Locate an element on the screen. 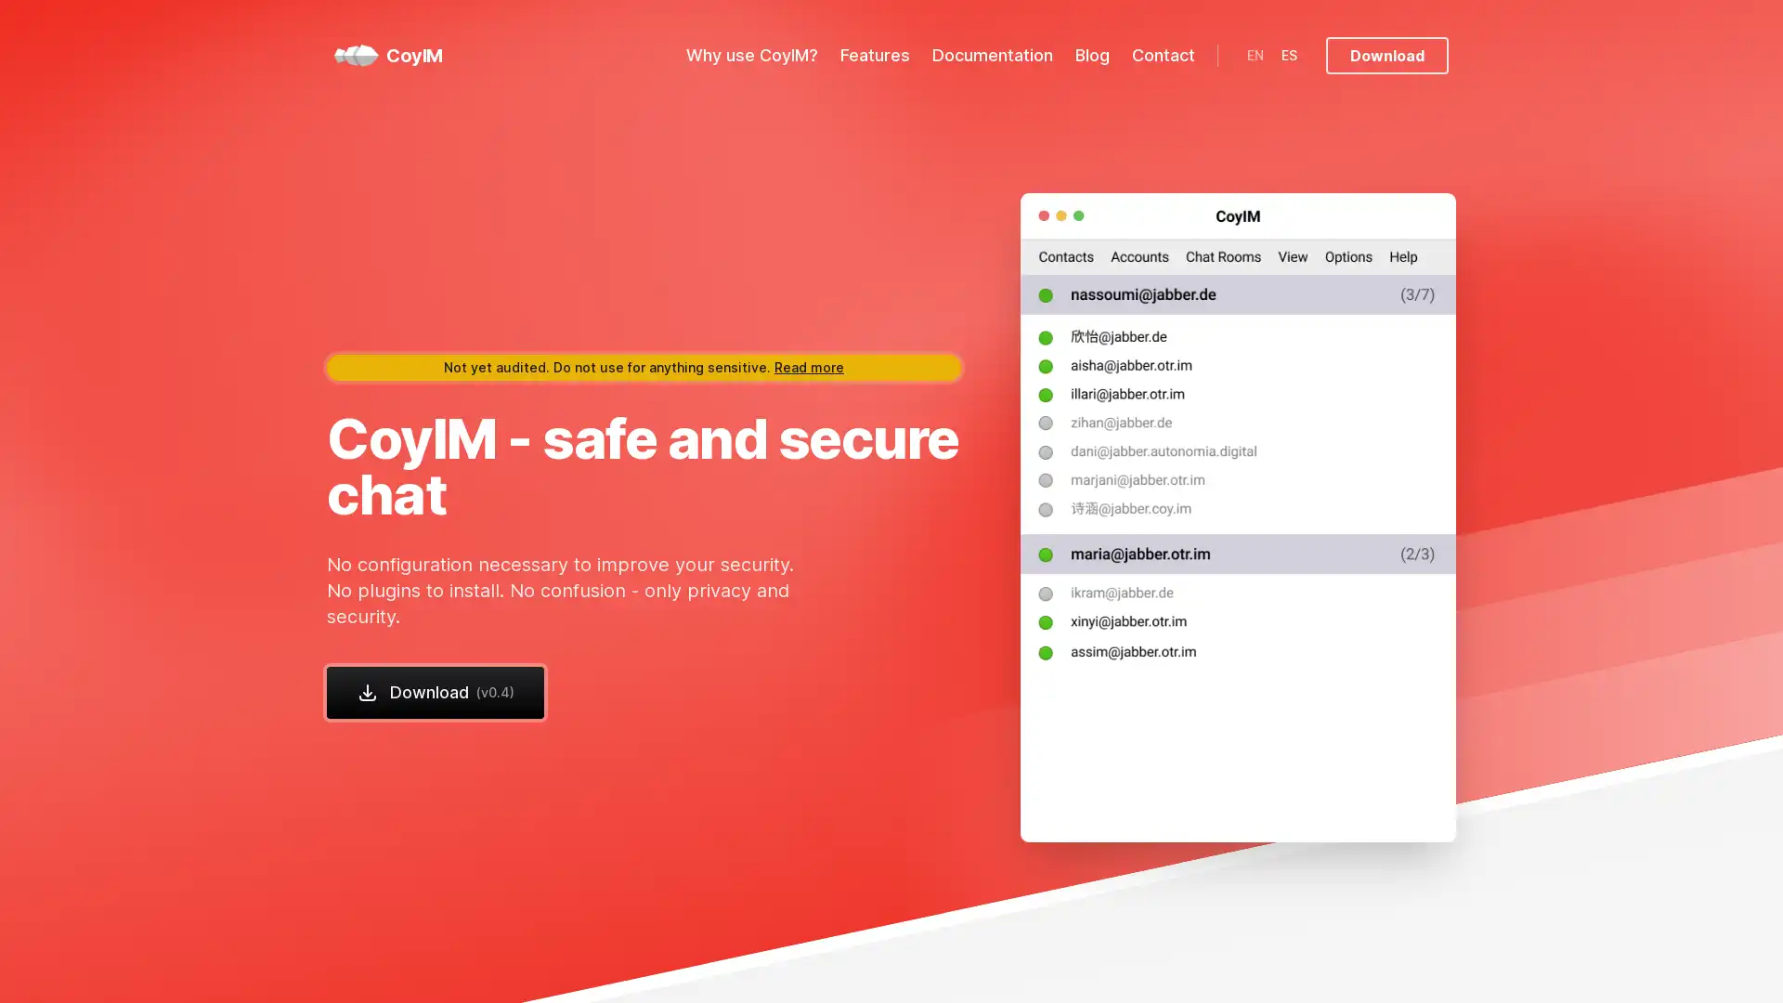  Download (v0.4) is located at coordinates (435, 691).